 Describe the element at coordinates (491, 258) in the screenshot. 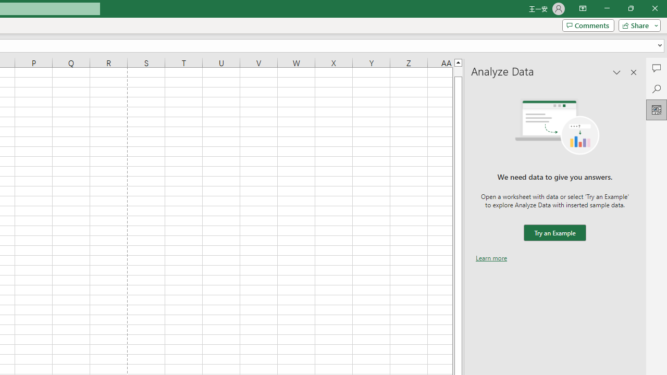

I see `'Learn more'` at that location.